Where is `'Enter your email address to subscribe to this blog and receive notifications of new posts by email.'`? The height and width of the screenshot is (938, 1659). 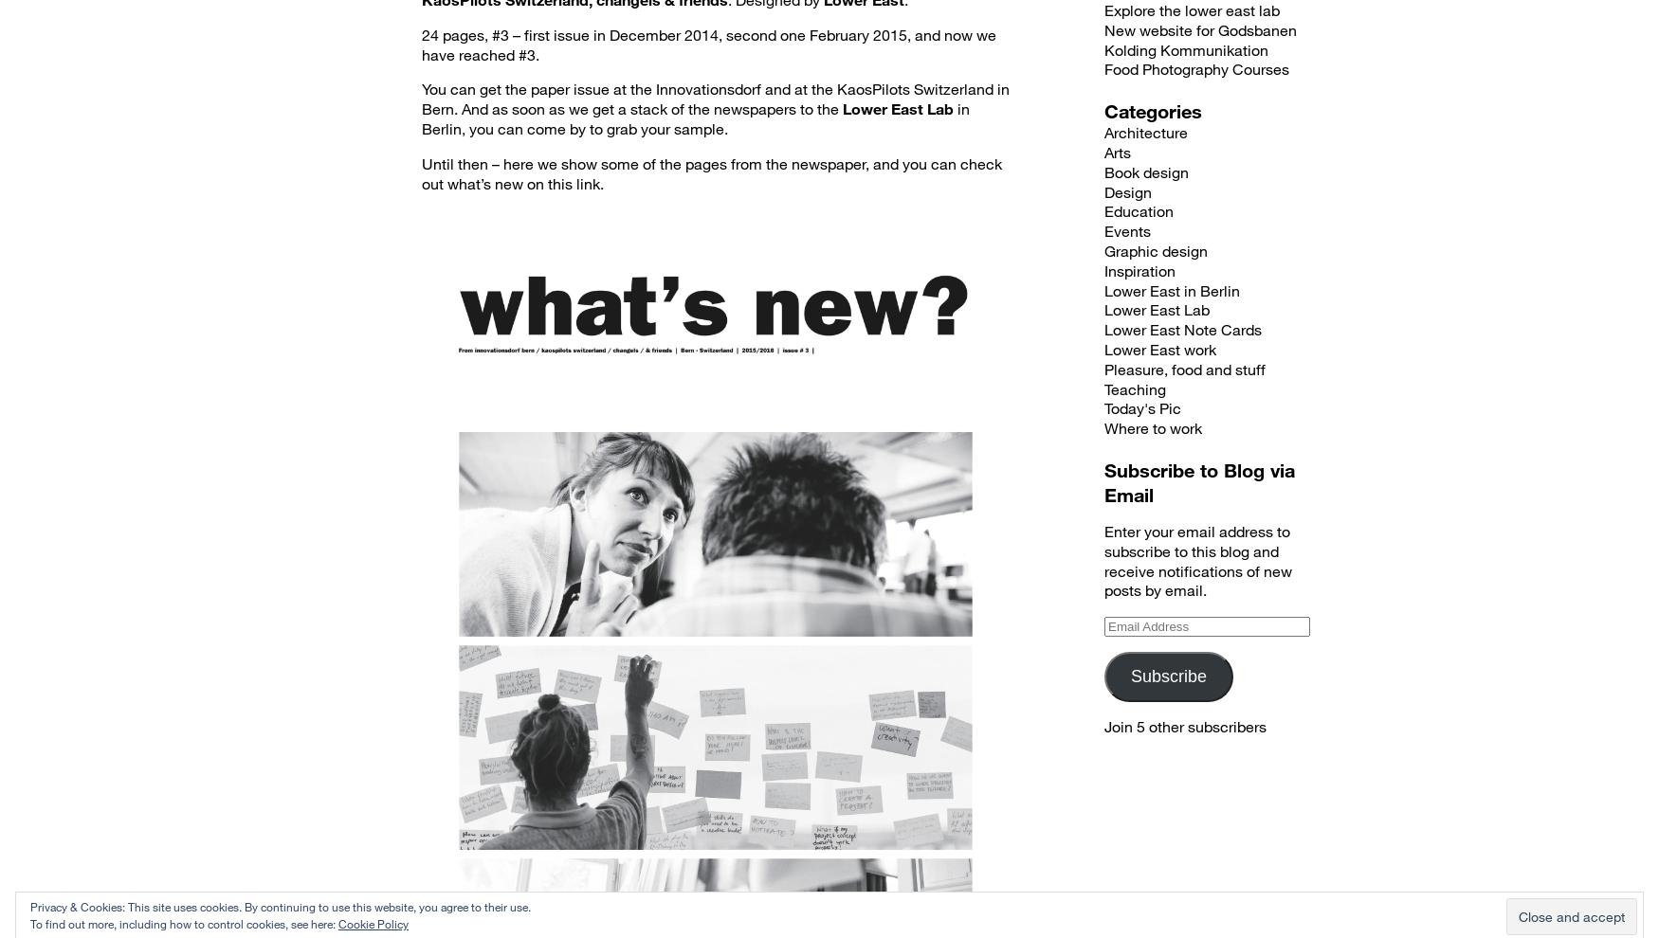
'Enter your email address to subscribe to this blog and receive notifications of new posts by email.' is located at coordinates (1197, 560).